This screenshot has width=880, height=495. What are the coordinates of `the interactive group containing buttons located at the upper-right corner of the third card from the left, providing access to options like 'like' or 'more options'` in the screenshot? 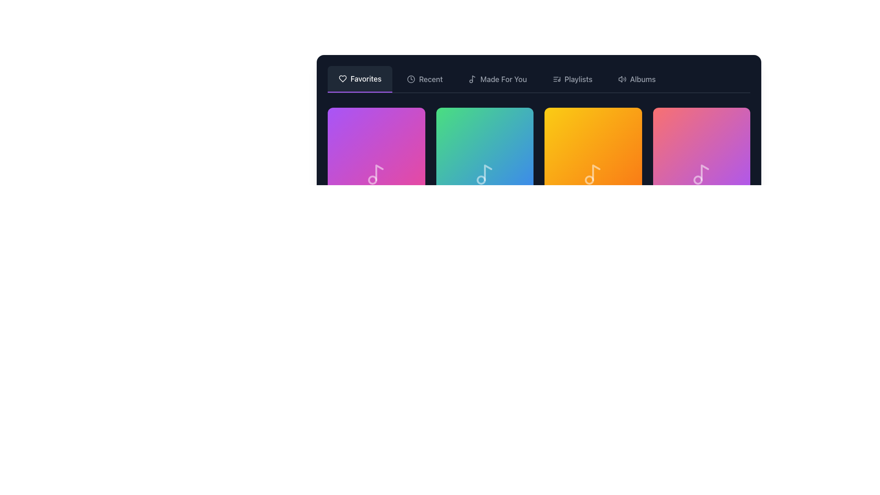 It's located at (726, 121).